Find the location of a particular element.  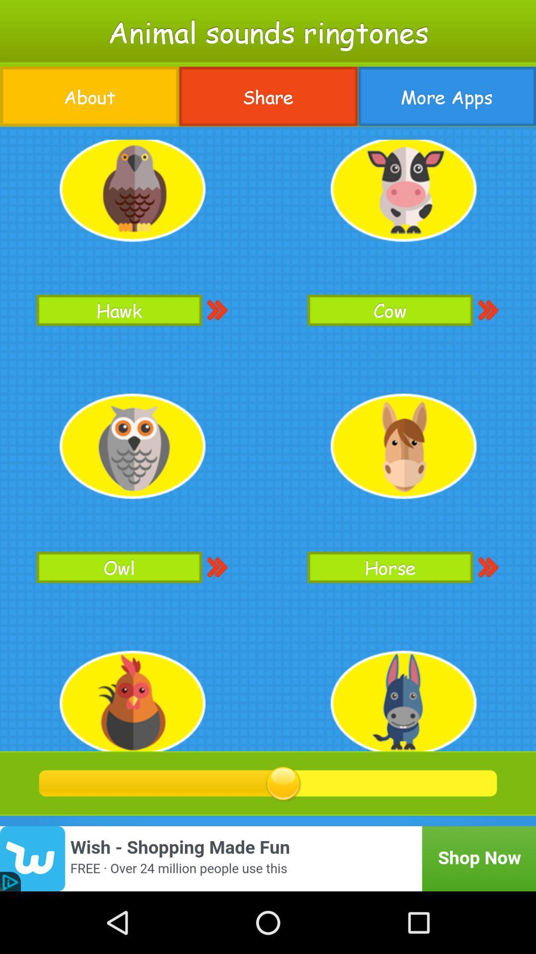

button to the left of the more apps is located at coordinates (268, 96).